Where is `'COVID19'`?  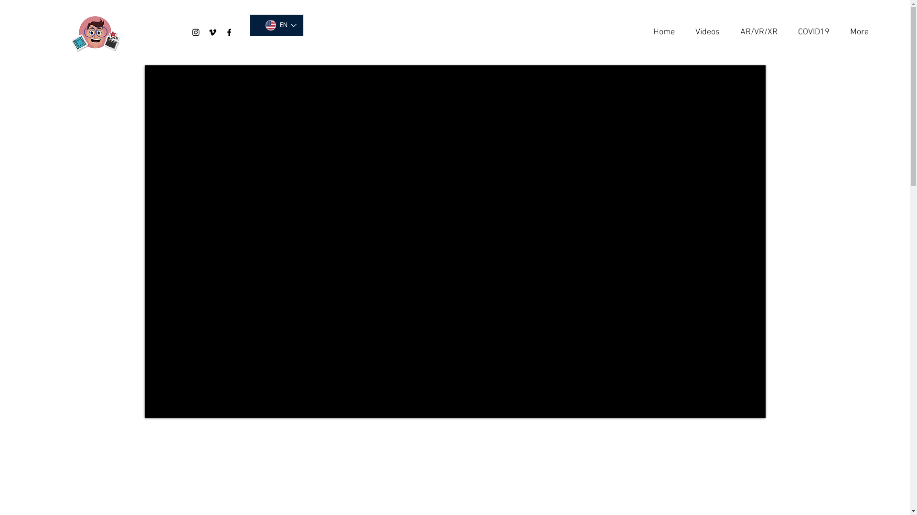
'COVID19' is located at coordinates (810, 31).